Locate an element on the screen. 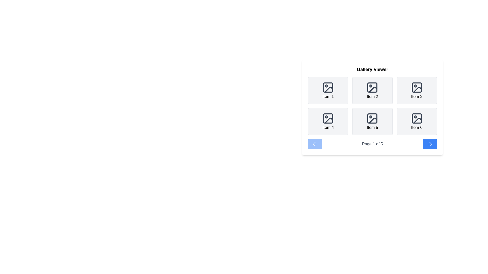  the displayed page number and total pages in the Static Text Display located at the center of the navigation bar between the 'previous' and 'next' buttons is located at coordinates (372, 144).